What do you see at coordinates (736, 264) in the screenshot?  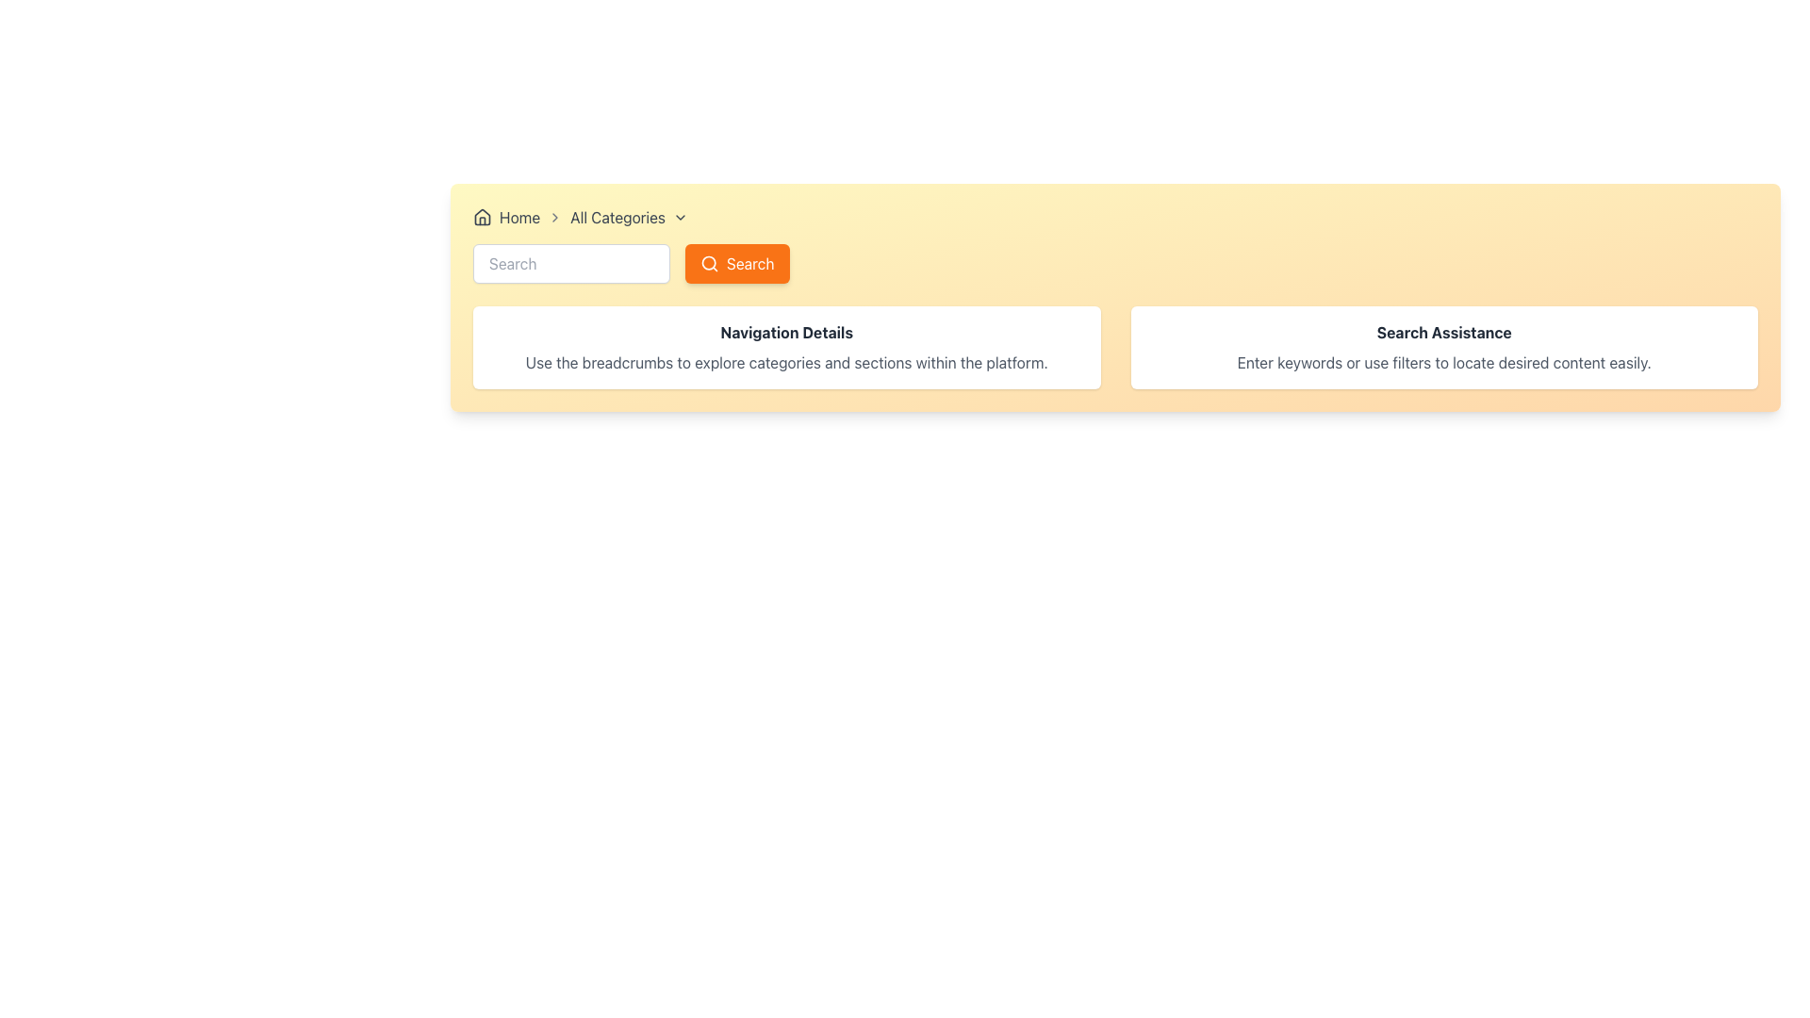 I see `the bright orange 'Search' button with white text and a search icon` at bounding box center [736, 264].